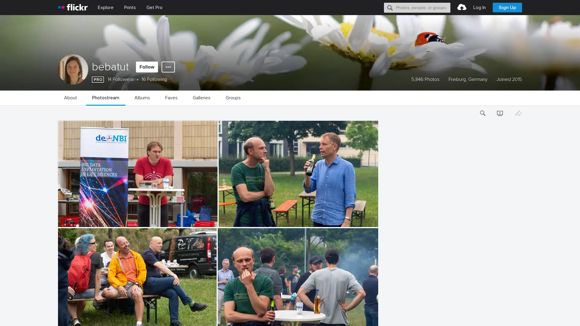 The height and width of the screenshot is (326, 580). I want to click on Search, so click(390, 7).